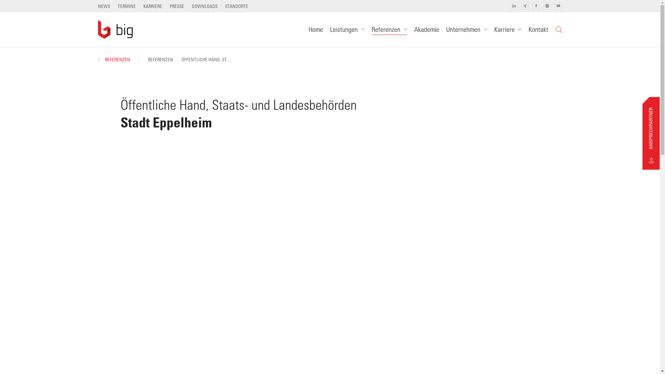 Image resolution: width=665 pixels, height=374 pixels. Describe the element at coordinates (426, 29) in the screenshot. I see `'Akademie'` at that location.